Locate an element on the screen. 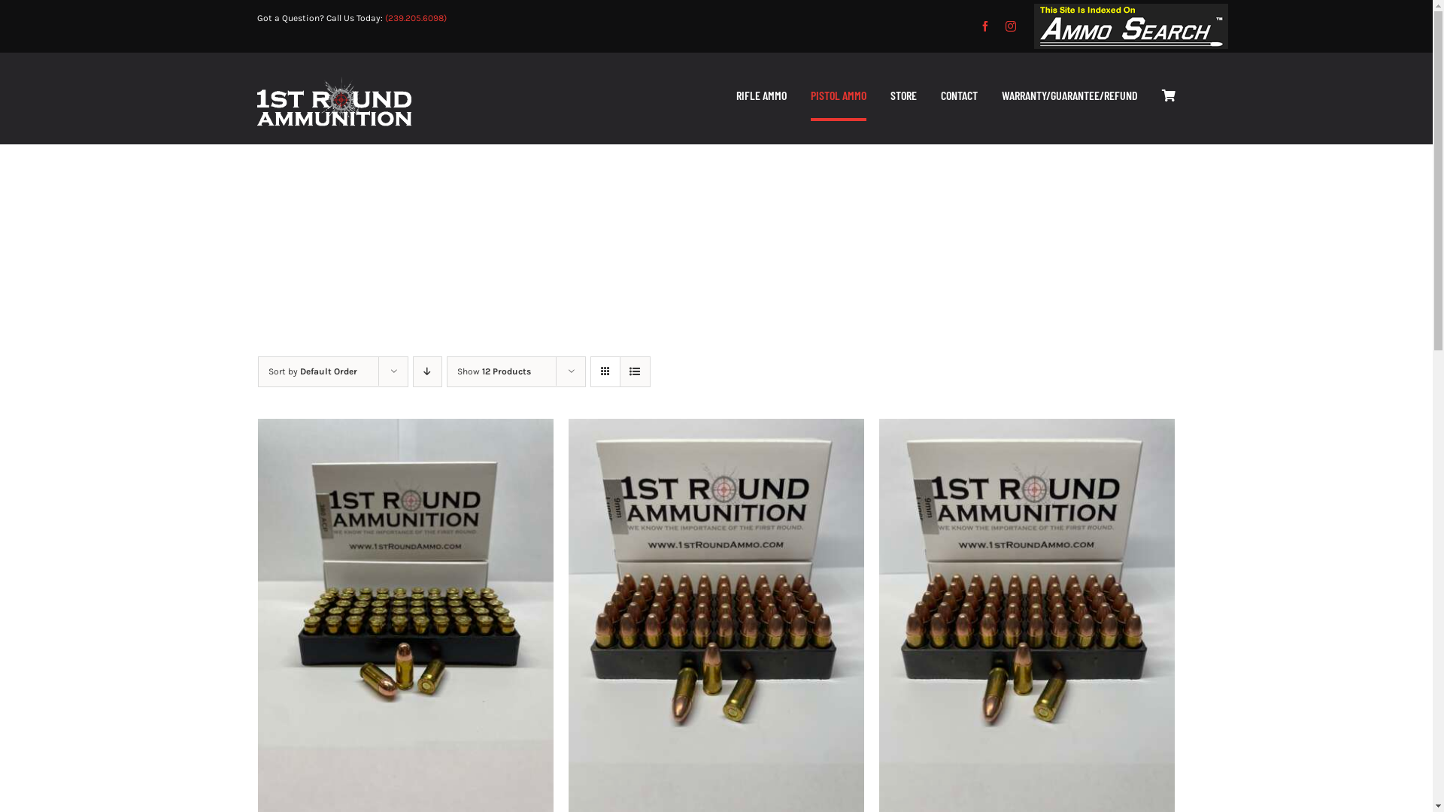 The width and height of the screenshot is (1444, 812). 'WARRANTY/GUARANTEE/REFUND' is located at coordinates (1001, 96).